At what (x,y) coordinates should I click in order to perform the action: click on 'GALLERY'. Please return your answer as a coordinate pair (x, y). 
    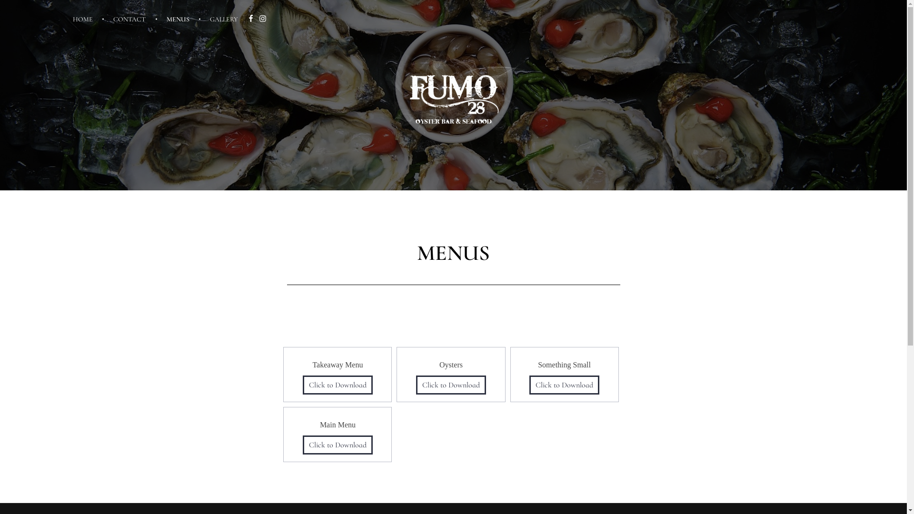
    Looking at the image, I should click on (219, 19).